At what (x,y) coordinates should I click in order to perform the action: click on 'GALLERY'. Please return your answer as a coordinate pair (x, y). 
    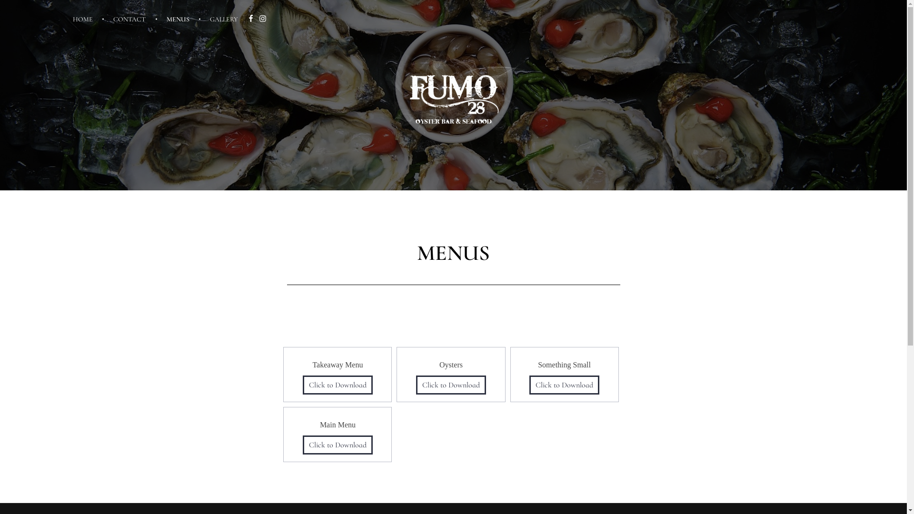
    Looking at the image, I should click on (219, 19).